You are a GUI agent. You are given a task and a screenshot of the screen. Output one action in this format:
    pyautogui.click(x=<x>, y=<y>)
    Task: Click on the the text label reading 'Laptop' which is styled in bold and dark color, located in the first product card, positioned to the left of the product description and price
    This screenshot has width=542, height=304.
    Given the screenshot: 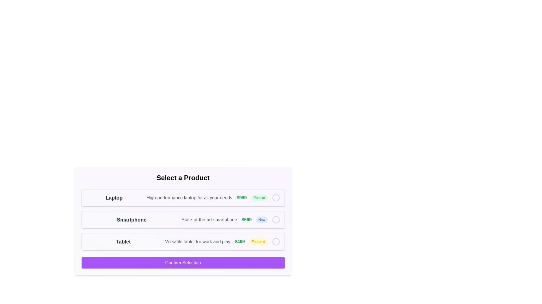 What is the action you would take?
    pyautogui.click(x=114, y=197)
    